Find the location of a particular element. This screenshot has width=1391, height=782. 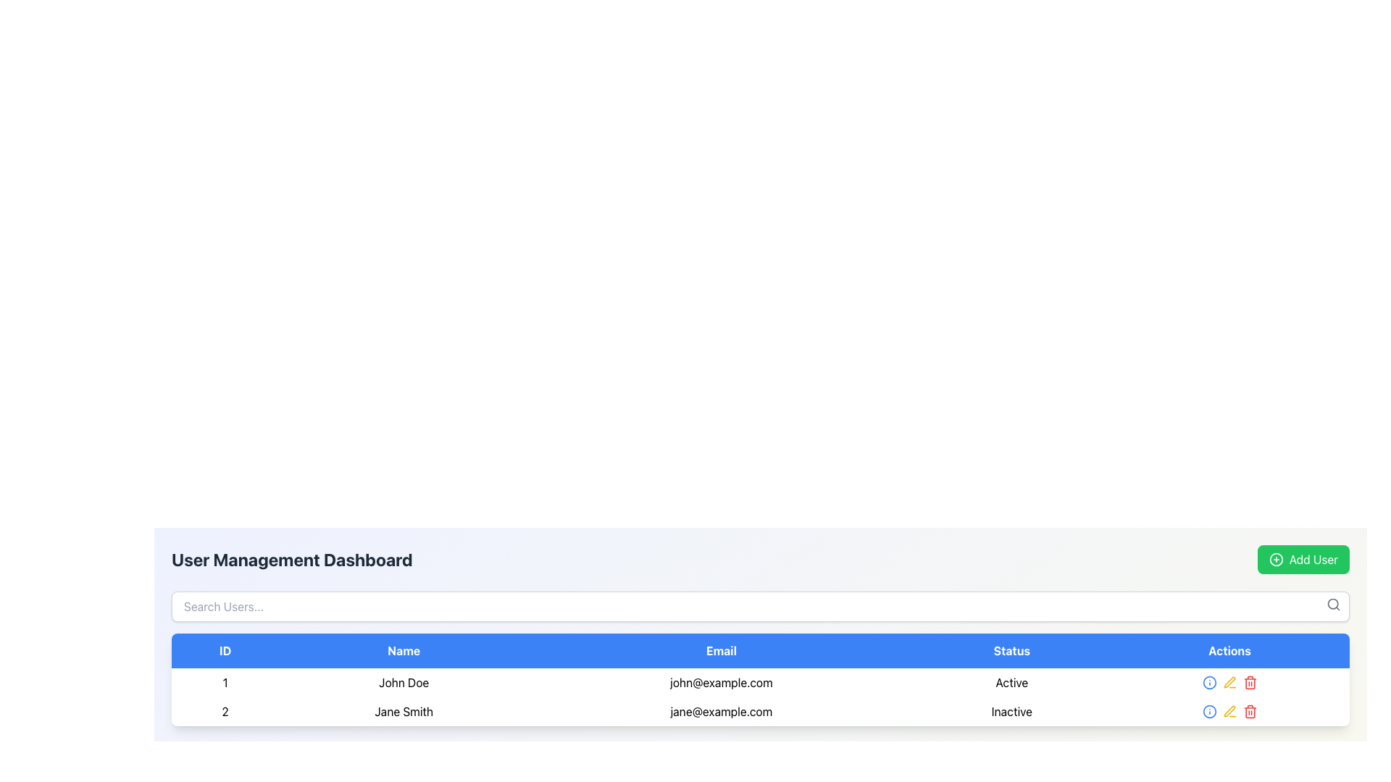

the second row entry in the user listing table for further actions is located at coordinates (760, 711).